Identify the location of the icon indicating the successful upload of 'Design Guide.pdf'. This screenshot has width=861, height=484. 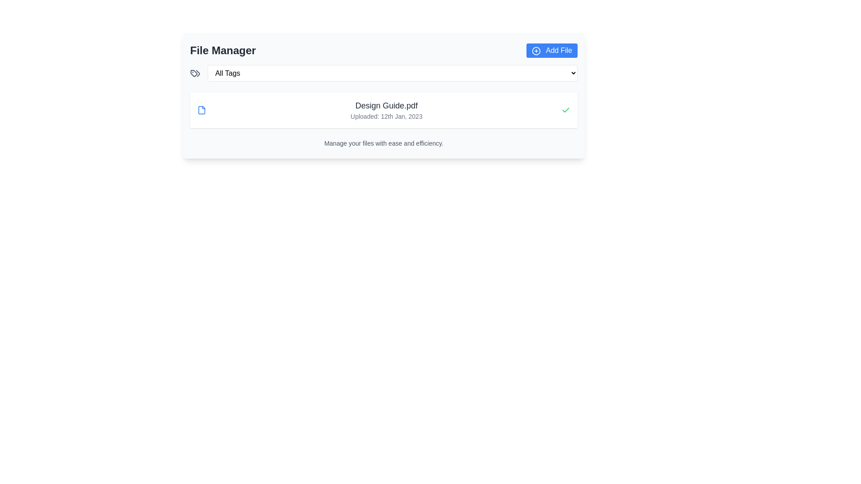
(565, 110).